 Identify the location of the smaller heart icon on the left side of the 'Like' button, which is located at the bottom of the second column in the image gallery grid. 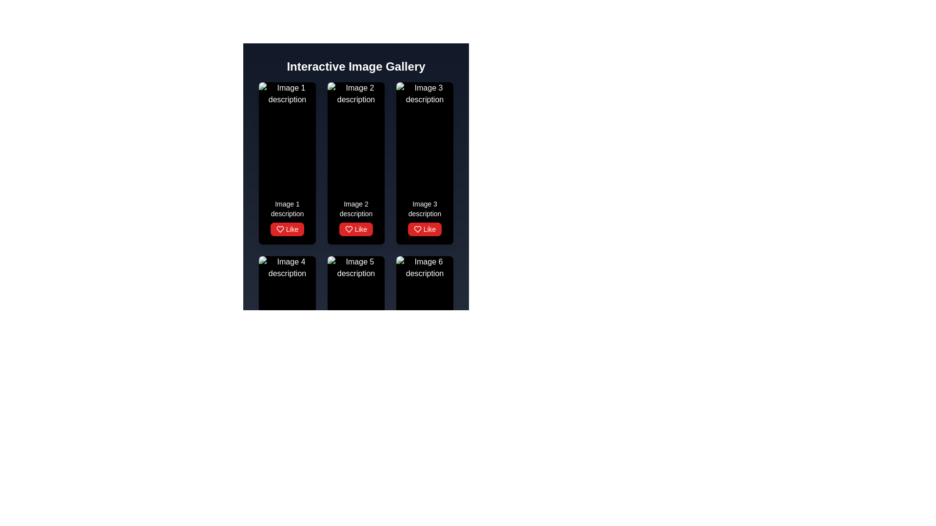
(349, 229).